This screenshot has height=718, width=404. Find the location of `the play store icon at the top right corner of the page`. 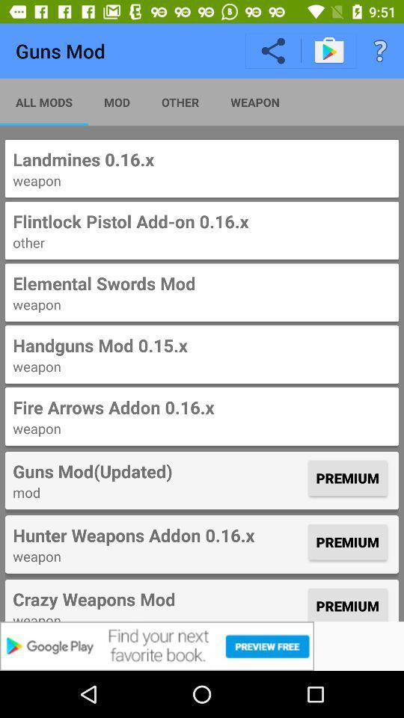

the play store icon at the top right corner of the page is located at coordinates (328, 50).